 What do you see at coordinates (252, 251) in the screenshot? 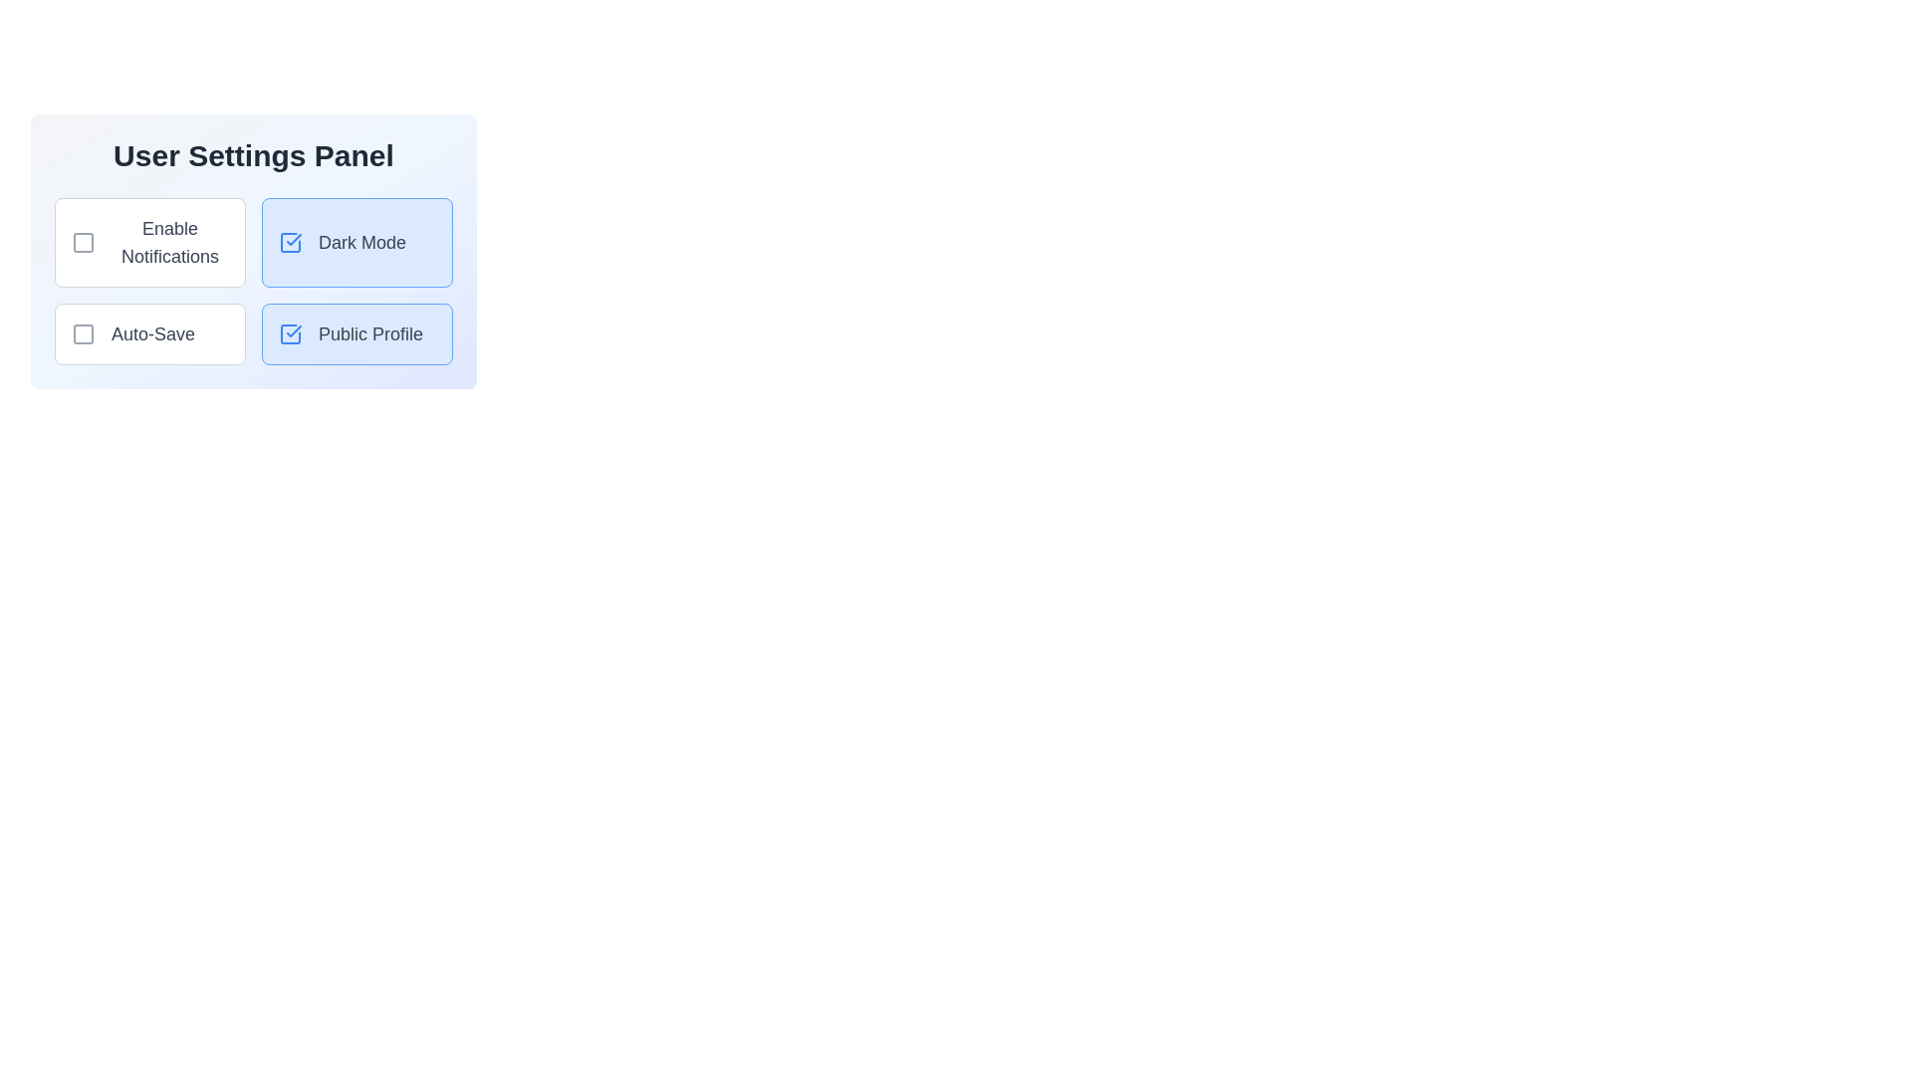
I see `the settings option within the settings card` at bounding box center [252, 251].